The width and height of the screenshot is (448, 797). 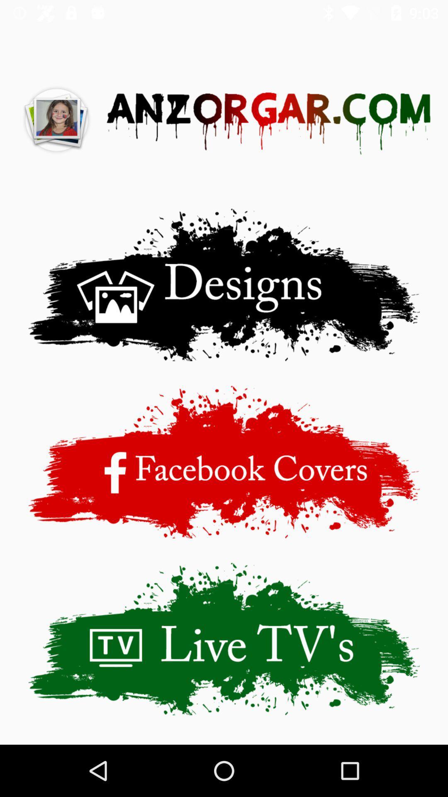 I want to click on open live tv, so click(x=224, y=638).